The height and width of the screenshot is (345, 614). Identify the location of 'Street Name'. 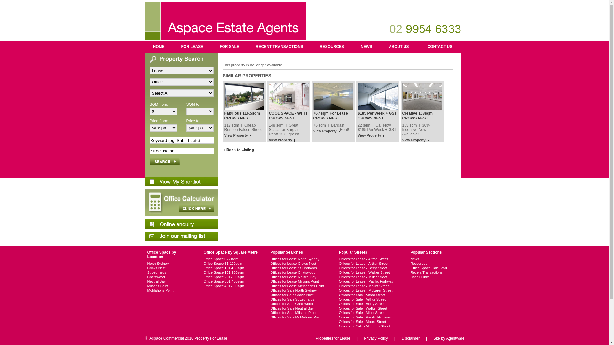
(181, 151).